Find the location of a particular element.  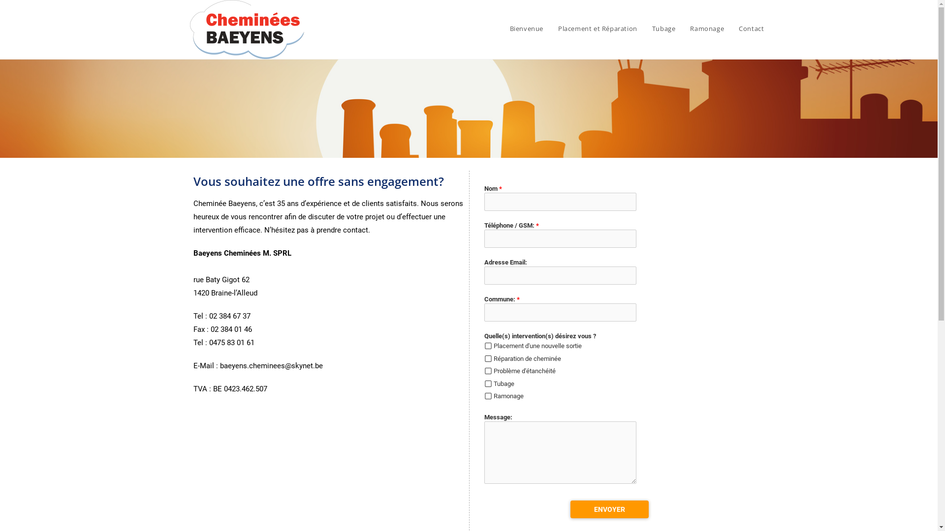

'Tubage' is located at coordinates (663, 28).